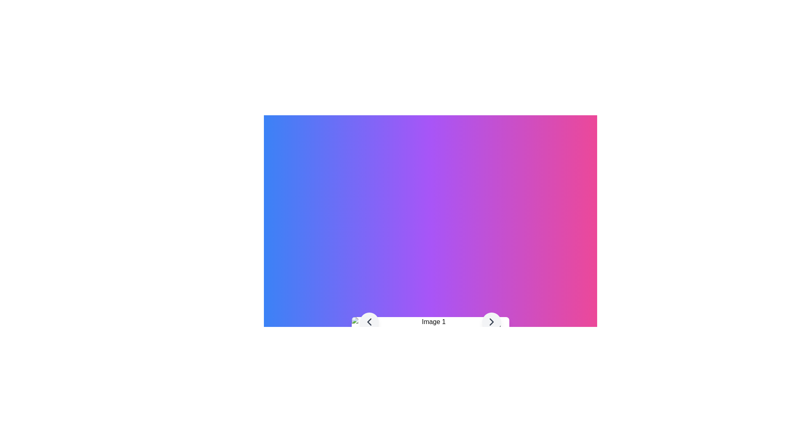 This screenshot has width=788, height=443. Describe the element at coordinates (369, 322) in the screenshot. I see `the backward navigation button with a chevron icon located on the far-left side of the image navigation controls` at that location.